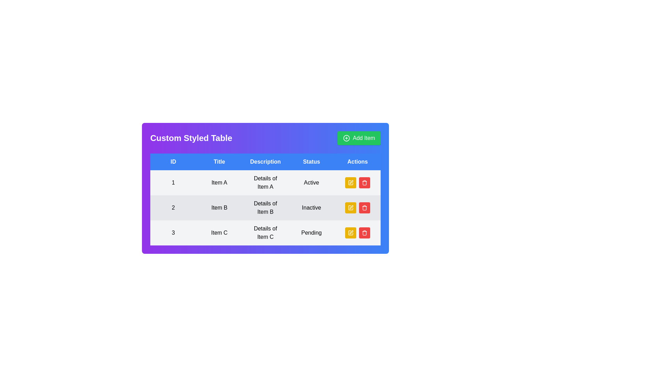 The height and width of the screenshot is (376, 668). I want to click on text displayed as the title of the second item in the table, located in the 'Title' column of the second row, so click(219, 207).